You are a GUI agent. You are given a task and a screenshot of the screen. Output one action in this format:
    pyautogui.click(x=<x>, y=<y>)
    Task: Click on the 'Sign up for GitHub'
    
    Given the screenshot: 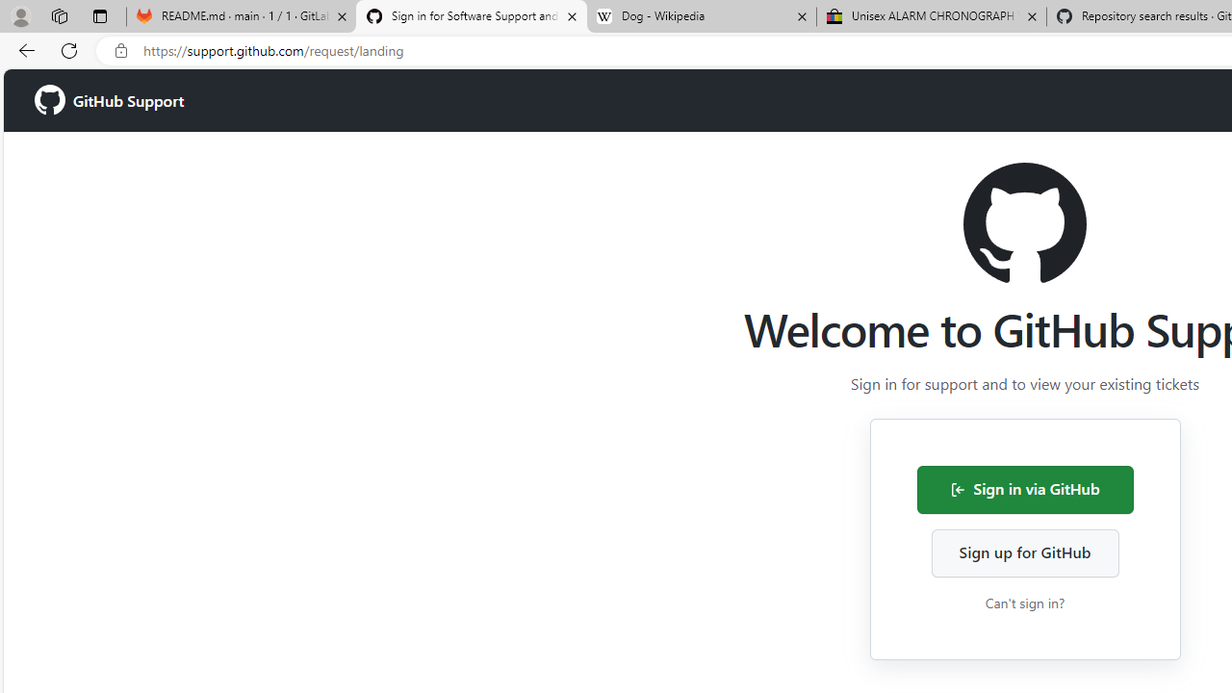 What is the action you would take?
    pyautogui.click(x=1023, y=552)
    